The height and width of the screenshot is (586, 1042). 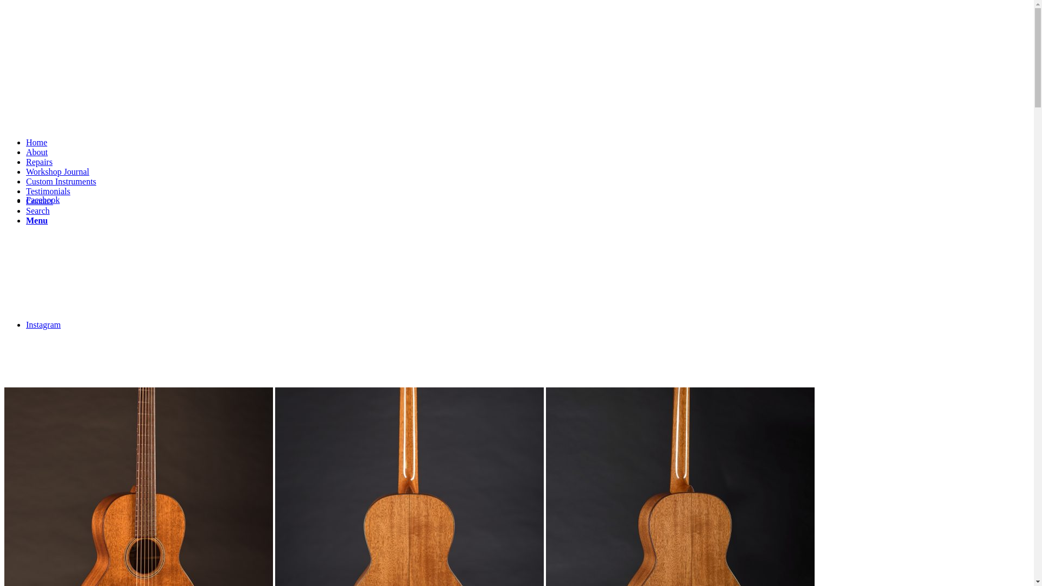 I want to click on 'Workshop Journal', so click(x=56, y=171).